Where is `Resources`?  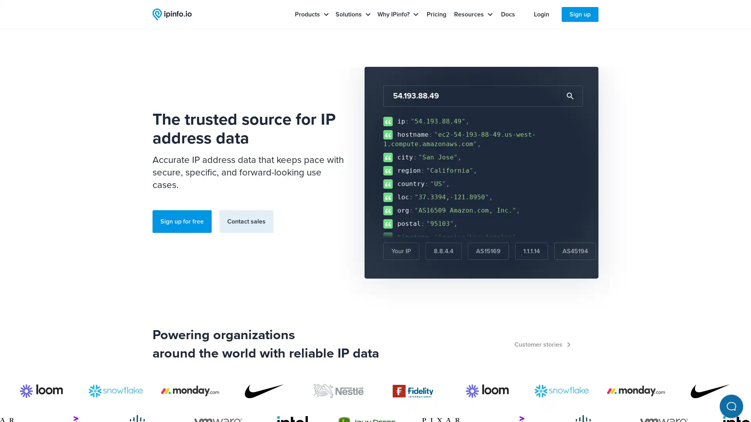
Resources is located at coordinates (473, 14).